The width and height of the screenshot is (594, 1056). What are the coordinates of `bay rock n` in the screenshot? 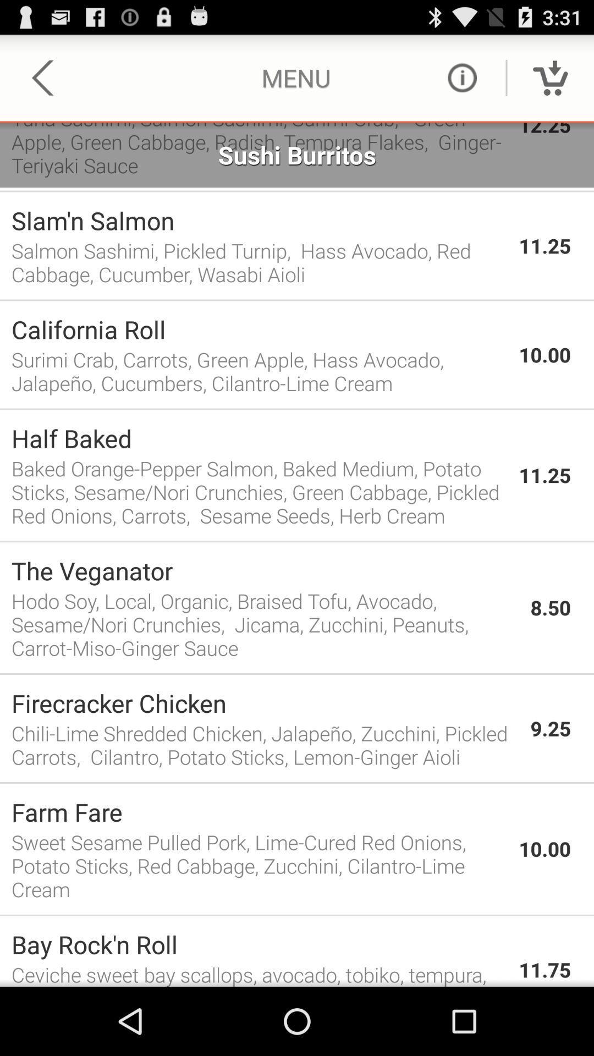 It's located at (259, 944).